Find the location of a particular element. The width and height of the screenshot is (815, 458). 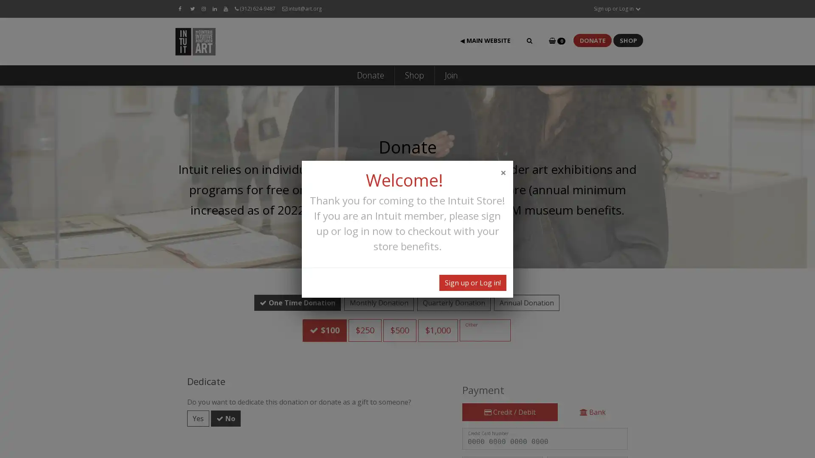

Bank is located at coordinates (592, 394).